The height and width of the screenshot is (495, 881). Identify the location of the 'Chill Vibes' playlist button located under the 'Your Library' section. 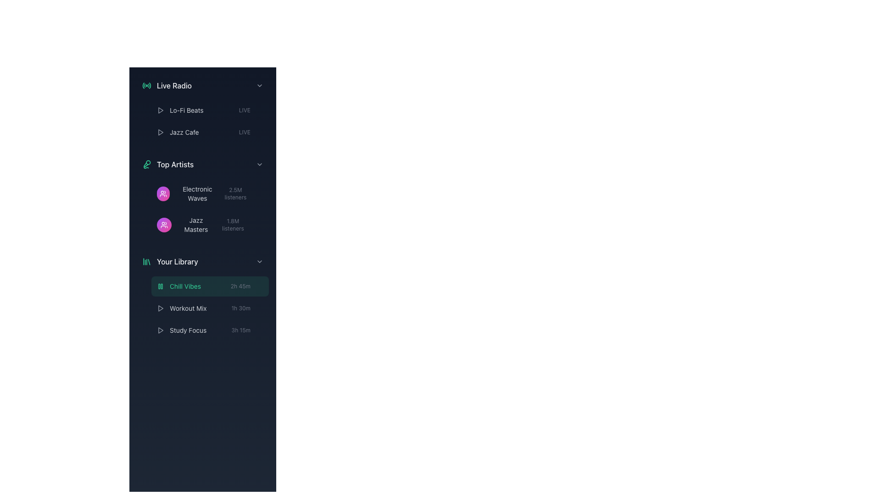
(202, 295).